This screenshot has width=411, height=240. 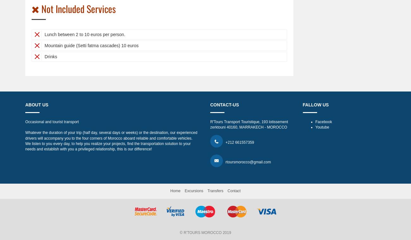 What do you see at coordinates (224, 142) in the screenshot?
I see `'+212 661557359'` at bounding box center [224, 142].